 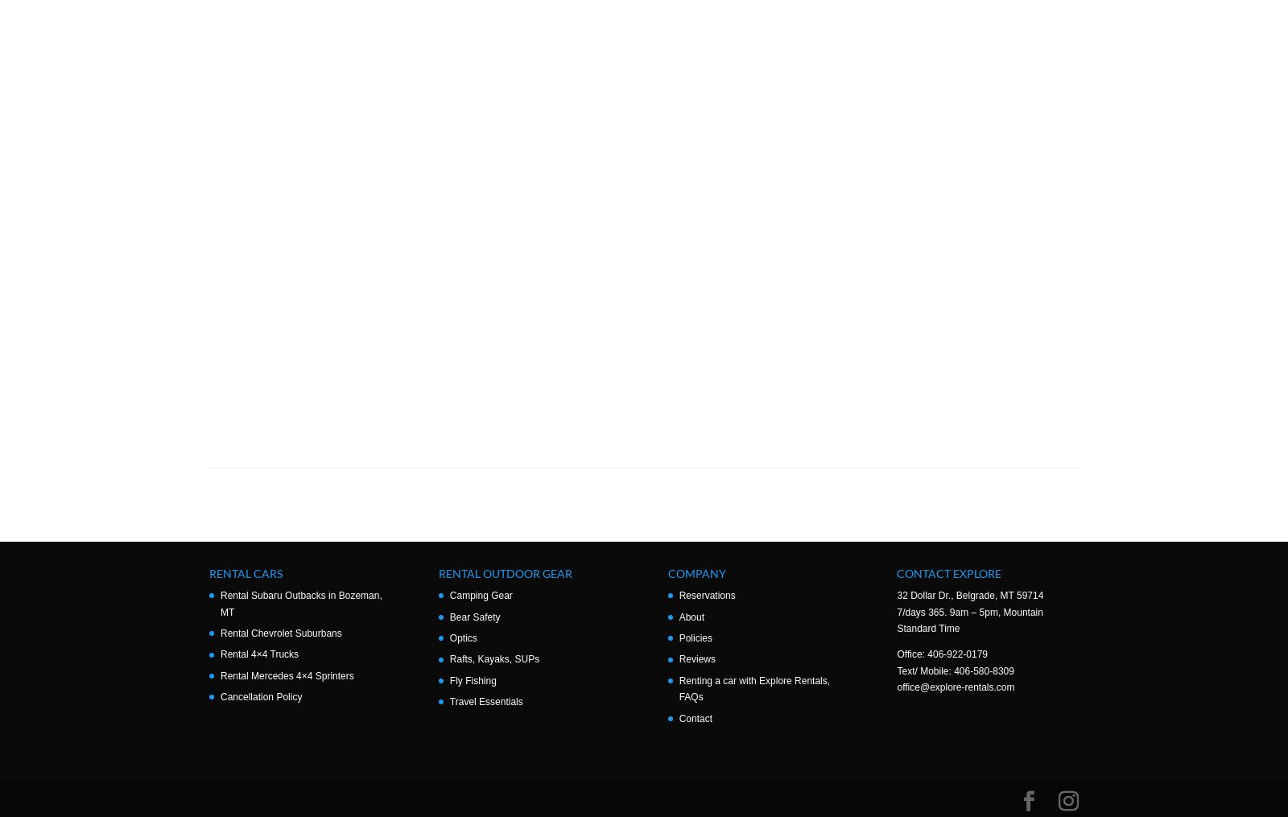 What do you see at coordinates (955, 671) in the screenshot?
I see `'Text/ Mobile: 406-580-8309'` at bounding box center [955, 671].